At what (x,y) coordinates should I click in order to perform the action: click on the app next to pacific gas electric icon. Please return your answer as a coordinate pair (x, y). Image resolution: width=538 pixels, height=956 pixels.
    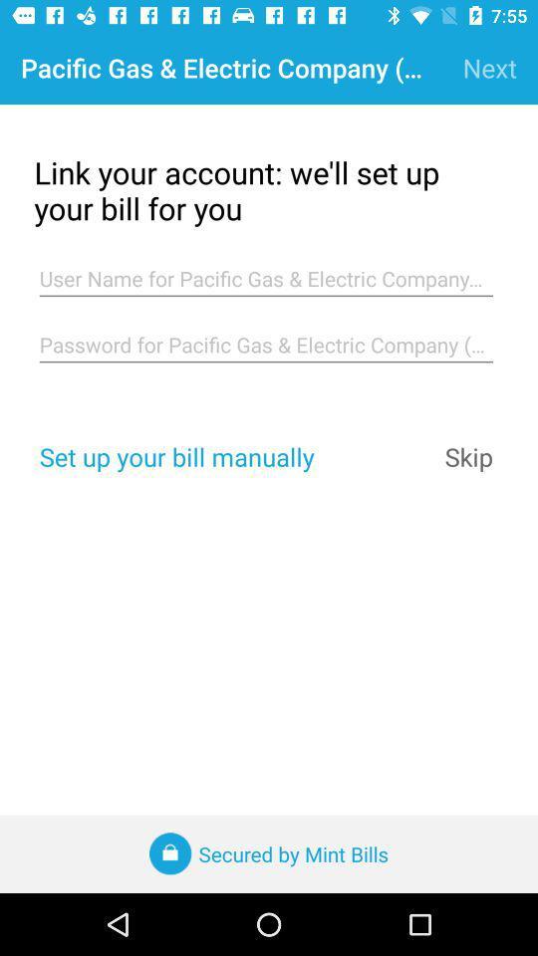
    Looking at the image, I should click on (488, 68).